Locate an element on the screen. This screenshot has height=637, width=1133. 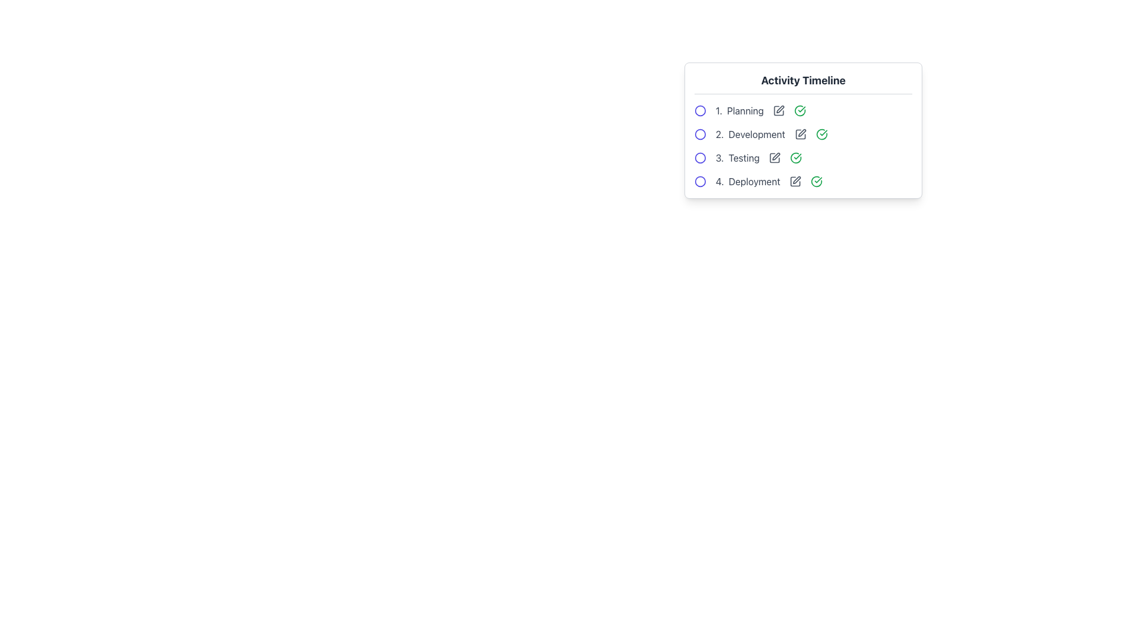
the circular SVG graphic located in the 'Activity Timeline' section, next to the label '1. Planning' is located at coordinates (700, 111).